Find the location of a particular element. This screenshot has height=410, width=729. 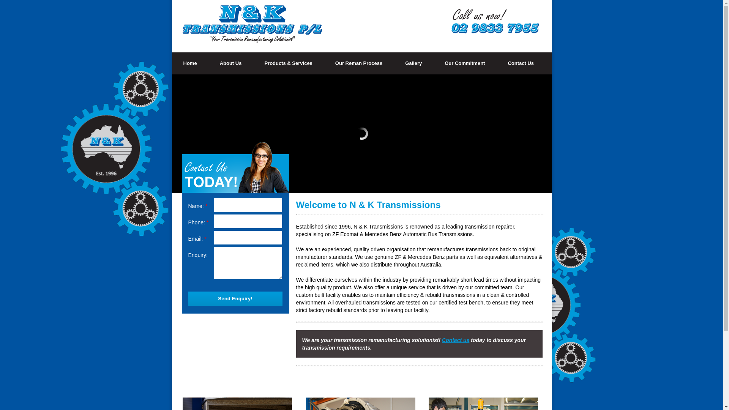

'Contact us' is located at coordinates (456, 339).